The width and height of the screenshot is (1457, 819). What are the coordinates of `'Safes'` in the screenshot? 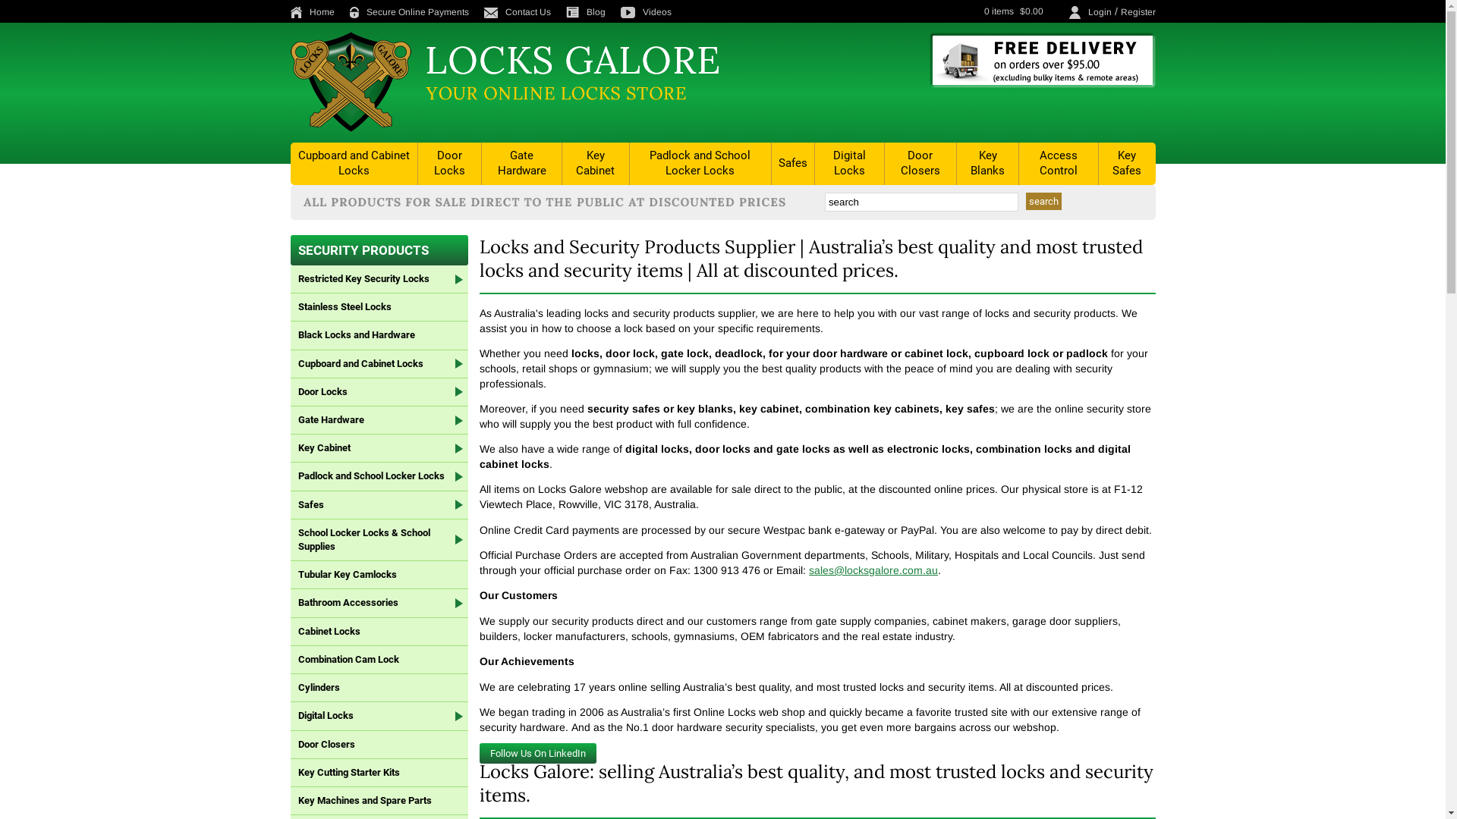 It's located at (379, 505).